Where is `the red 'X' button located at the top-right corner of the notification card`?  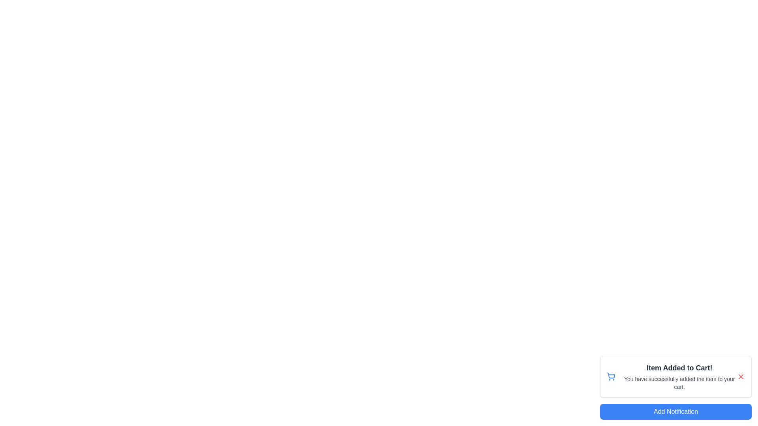
the red 'X' button located at the top-right corner of the notification card is located at coordinates (740, 376).